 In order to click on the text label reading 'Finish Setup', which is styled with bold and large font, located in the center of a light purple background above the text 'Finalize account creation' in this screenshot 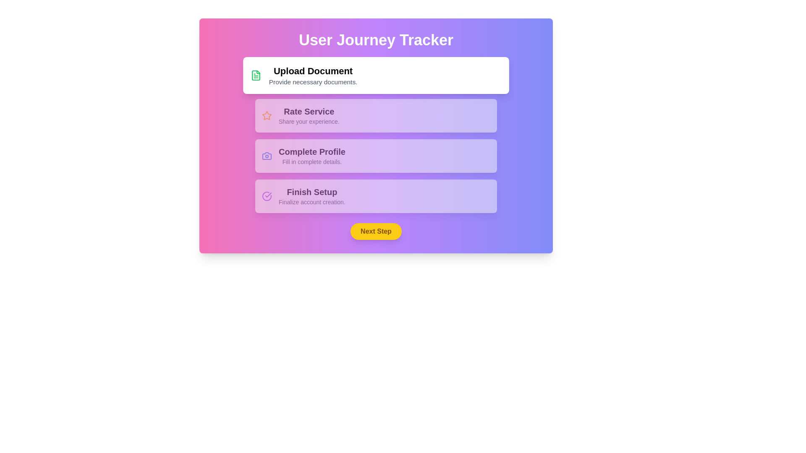, I will do `click(311, 192)`.